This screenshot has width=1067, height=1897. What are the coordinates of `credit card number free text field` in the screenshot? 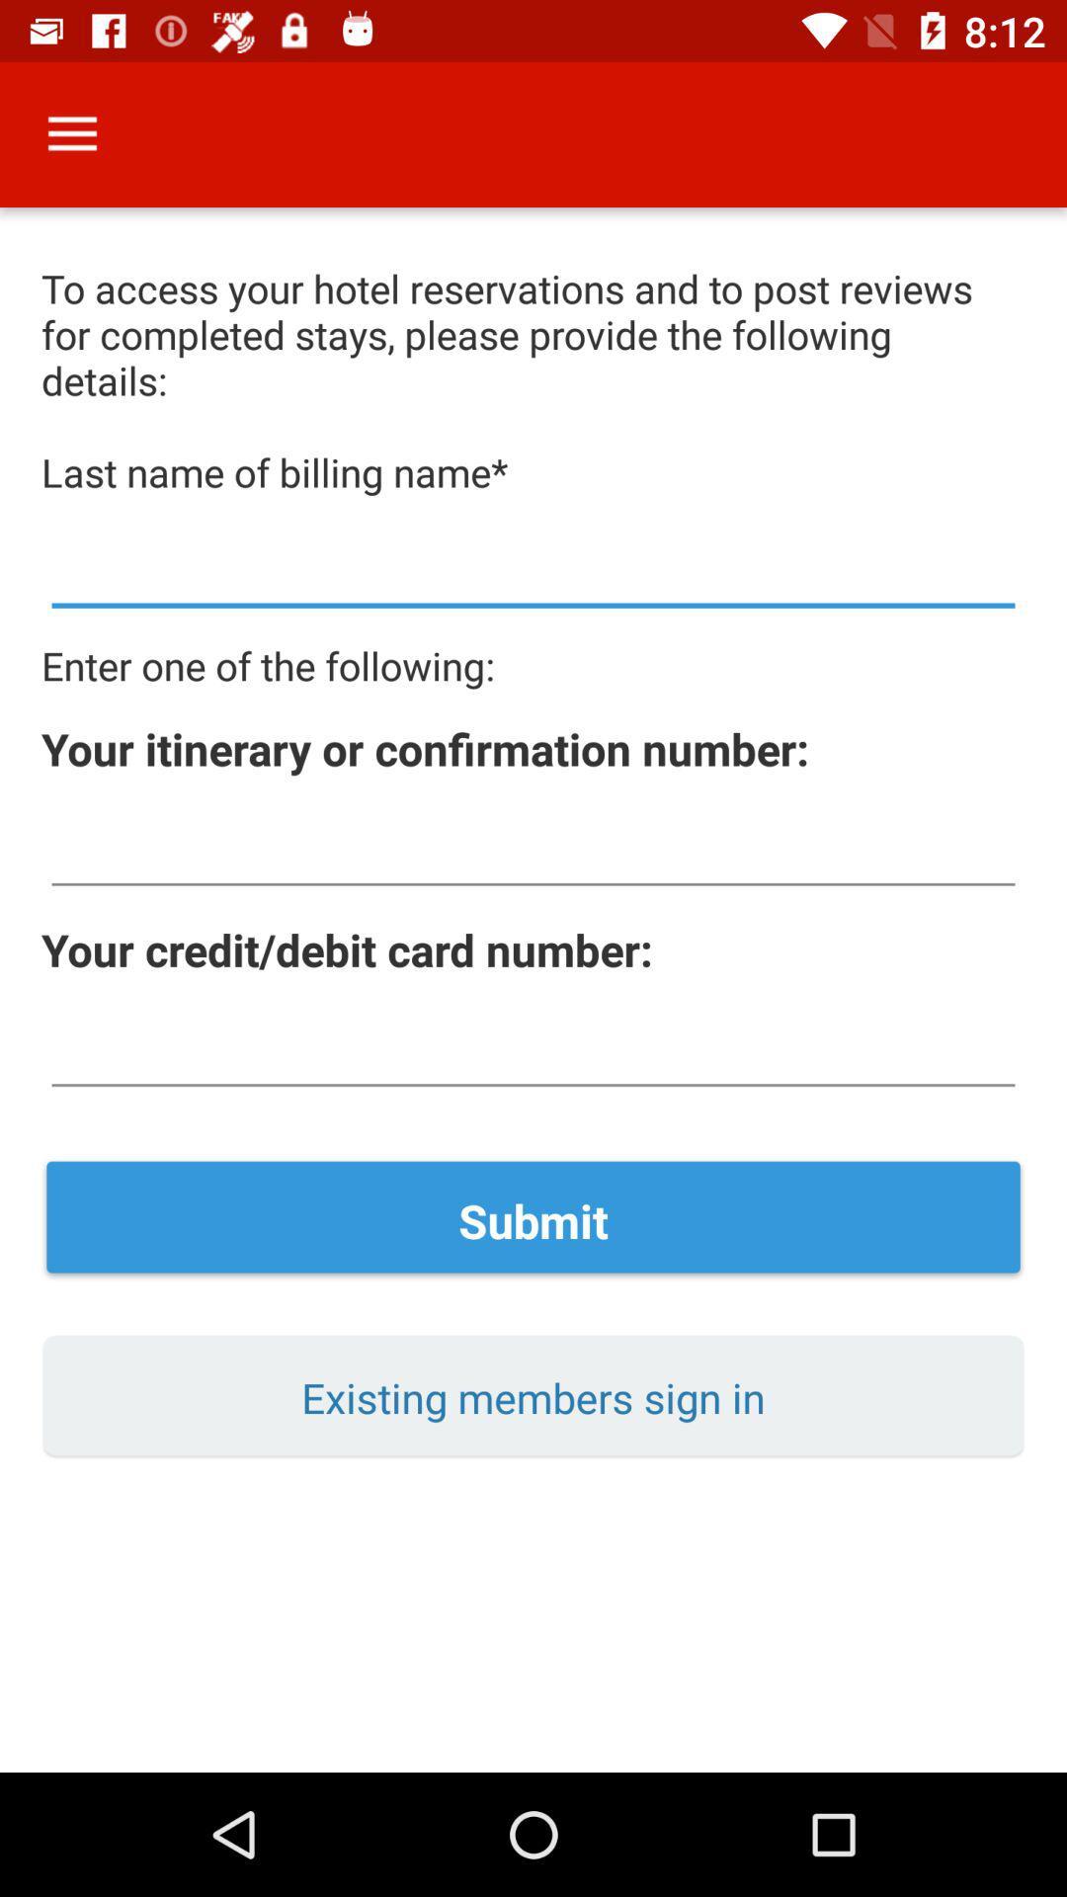 It's located at (533, 1048).